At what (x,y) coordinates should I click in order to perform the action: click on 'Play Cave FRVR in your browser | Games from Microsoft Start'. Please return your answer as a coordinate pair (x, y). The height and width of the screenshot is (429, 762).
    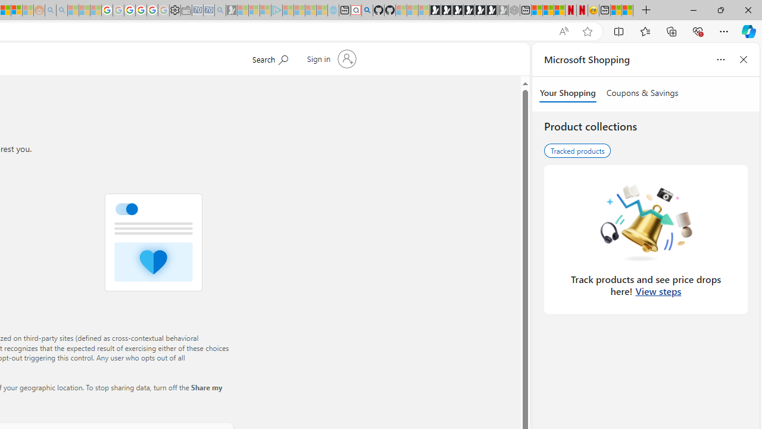
    Looking at the image, I should click on (457, 10).